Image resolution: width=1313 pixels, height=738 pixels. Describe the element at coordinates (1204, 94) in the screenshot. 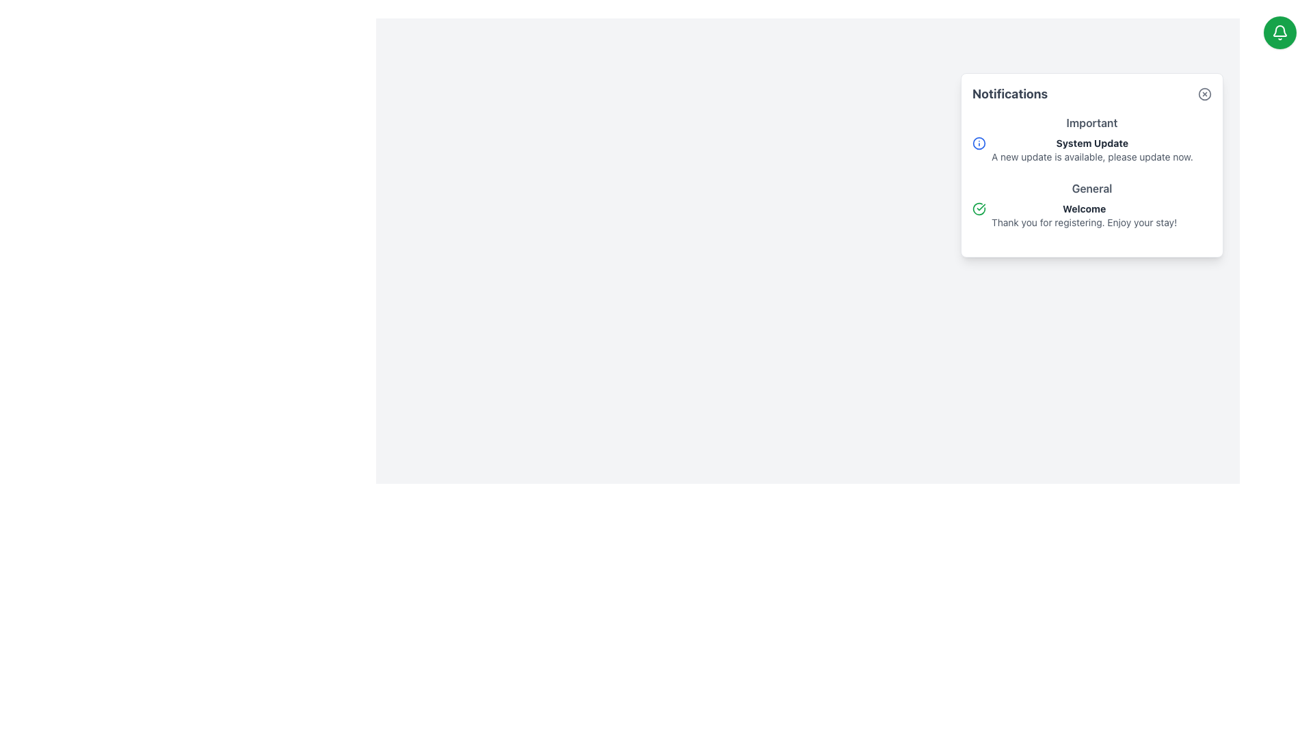

I see `the circular gray button with a cross mark inside, located to the far right of the 'Notifications' title in the notification panel, to observe the hover effect` at that location.